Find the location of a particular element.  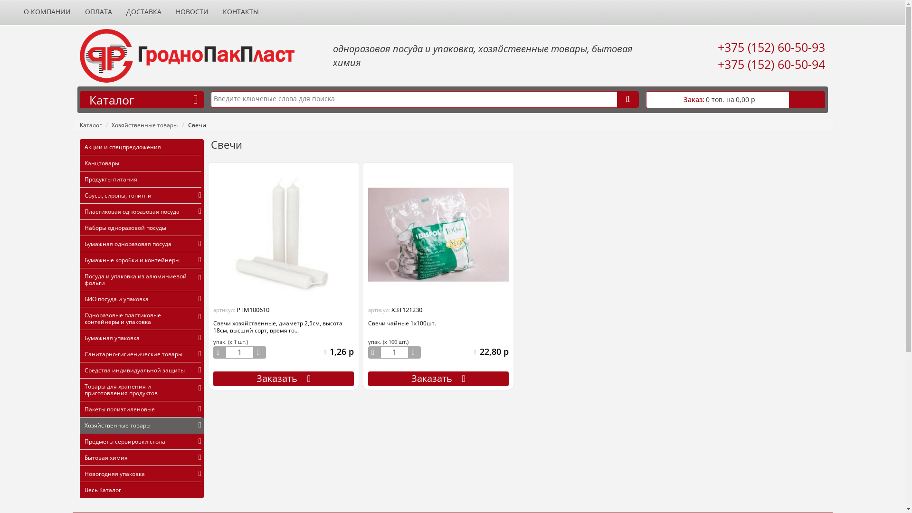

'+375 (152) 60-50-94' is located at coordinates (718, 64).